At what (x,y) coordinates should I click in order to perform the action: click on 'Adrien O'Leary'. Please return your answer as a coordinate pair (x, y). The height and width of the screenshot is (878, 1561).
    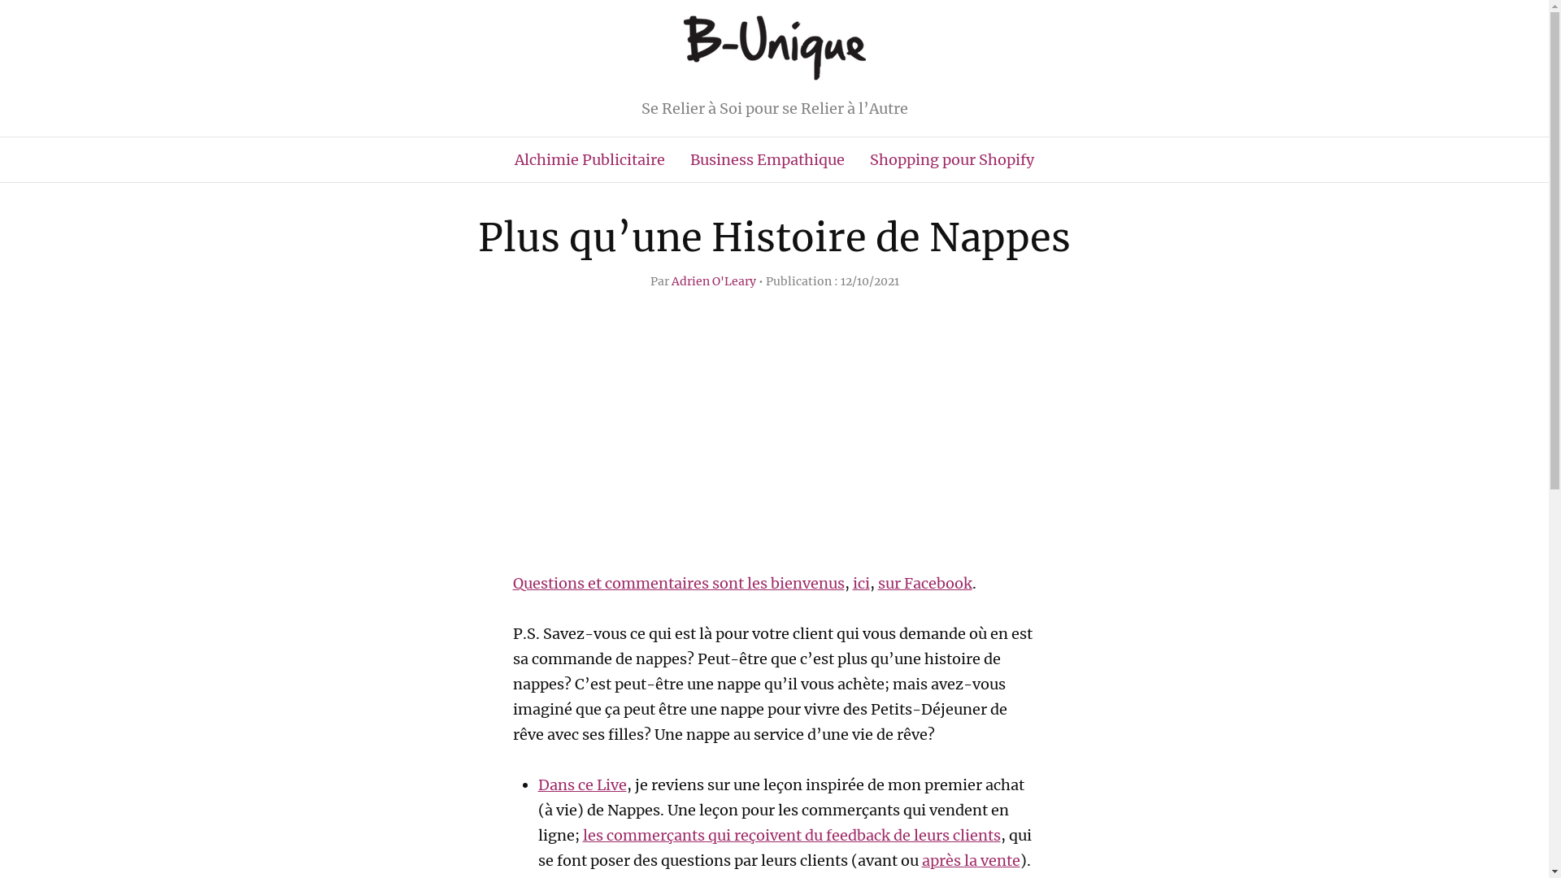
    Looking at the image, I should click on (714, 280).